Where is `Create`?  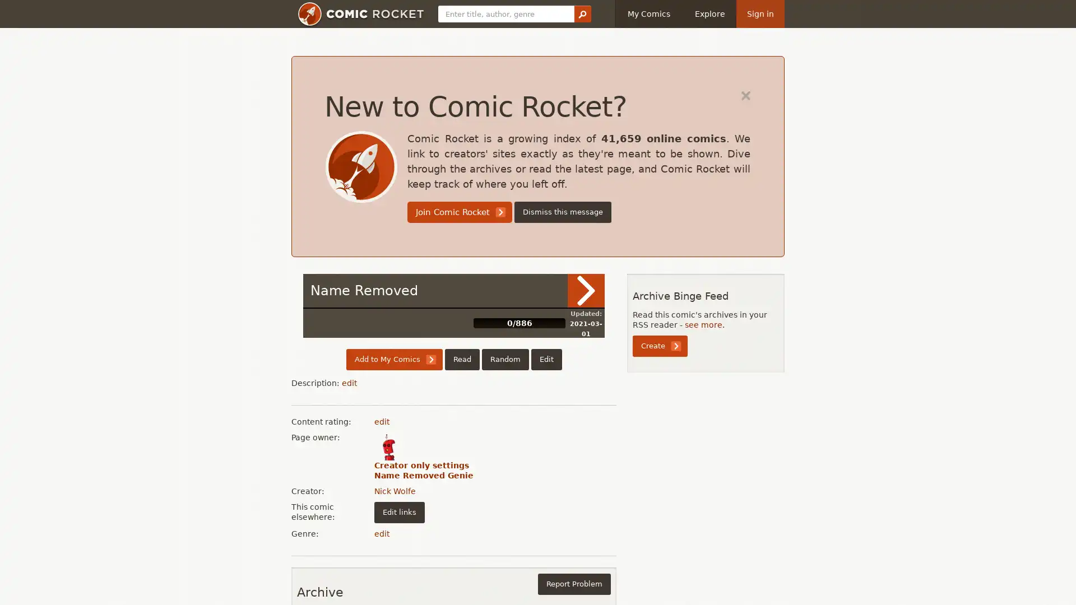
Create is located at coordinates (660, 345).